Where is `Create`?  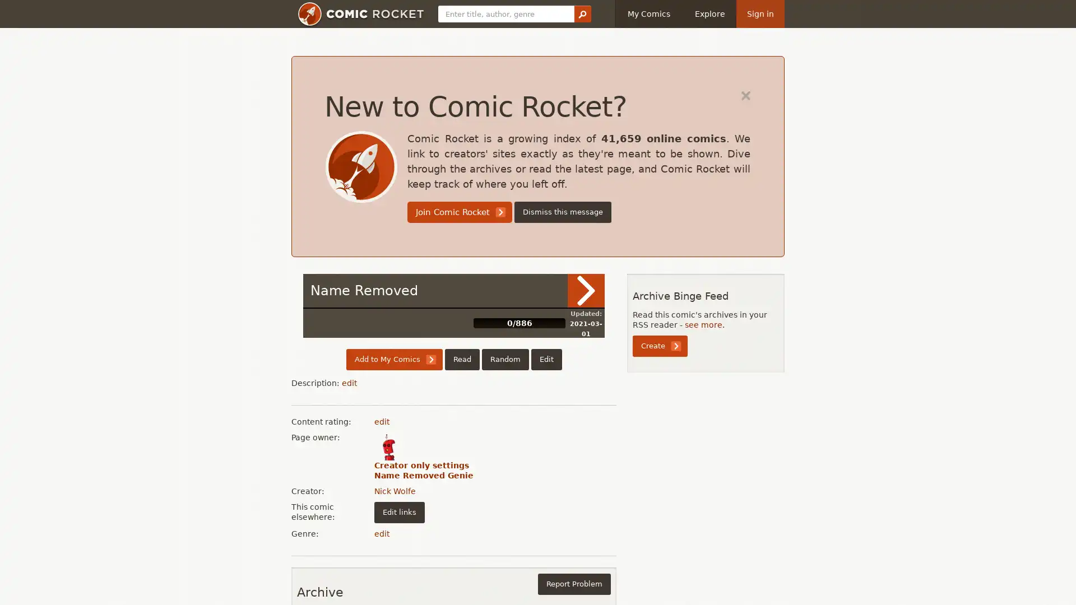
Create is located at coordinates (660, 345).